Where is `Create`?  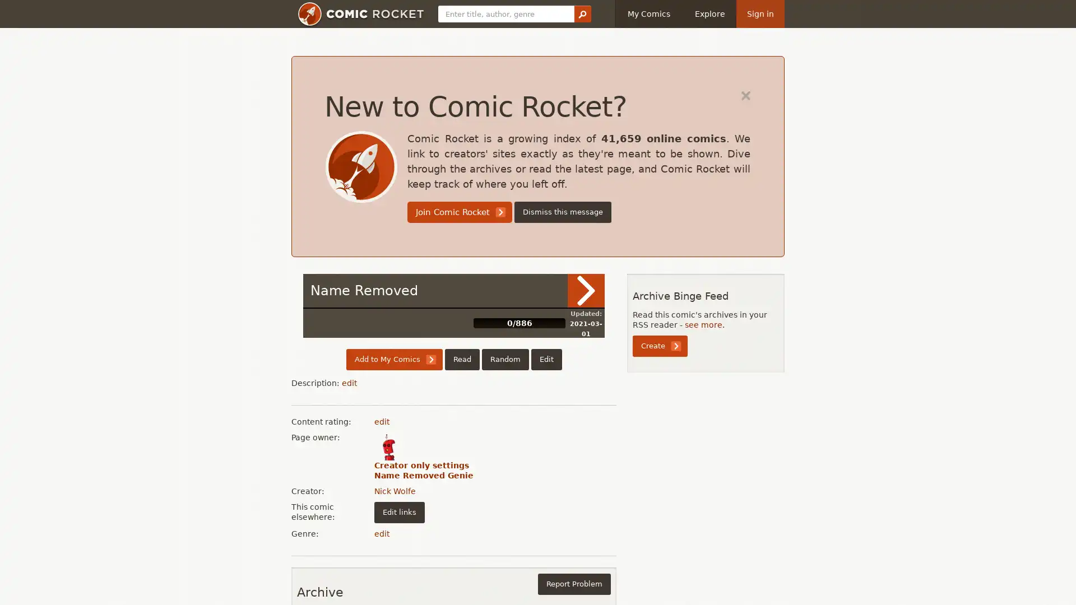
Create is located at coordinates (660, 345).